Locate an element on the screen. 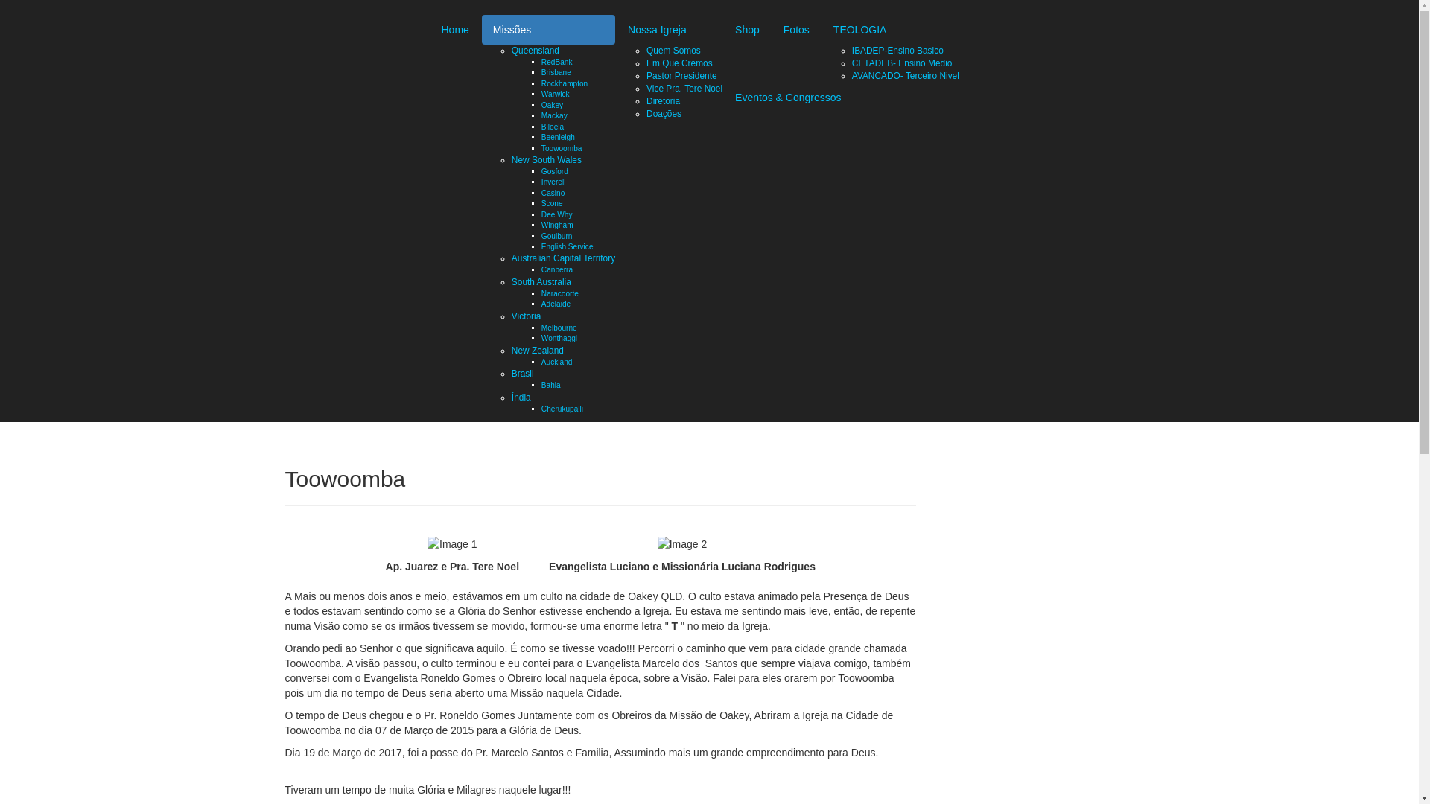 The image size is (1430, 804). 'Cherukupalli' is located at coordinates (540, 409).